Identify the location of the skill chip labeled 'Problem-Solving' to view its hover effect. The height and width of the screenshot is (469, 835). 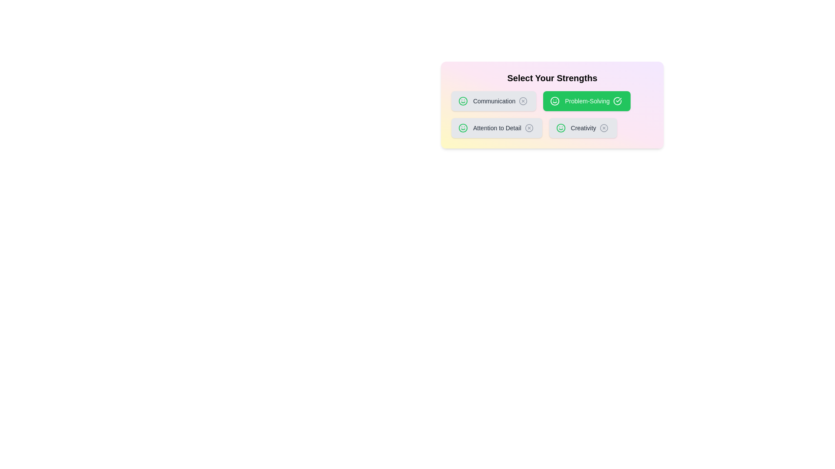
(587, 100).